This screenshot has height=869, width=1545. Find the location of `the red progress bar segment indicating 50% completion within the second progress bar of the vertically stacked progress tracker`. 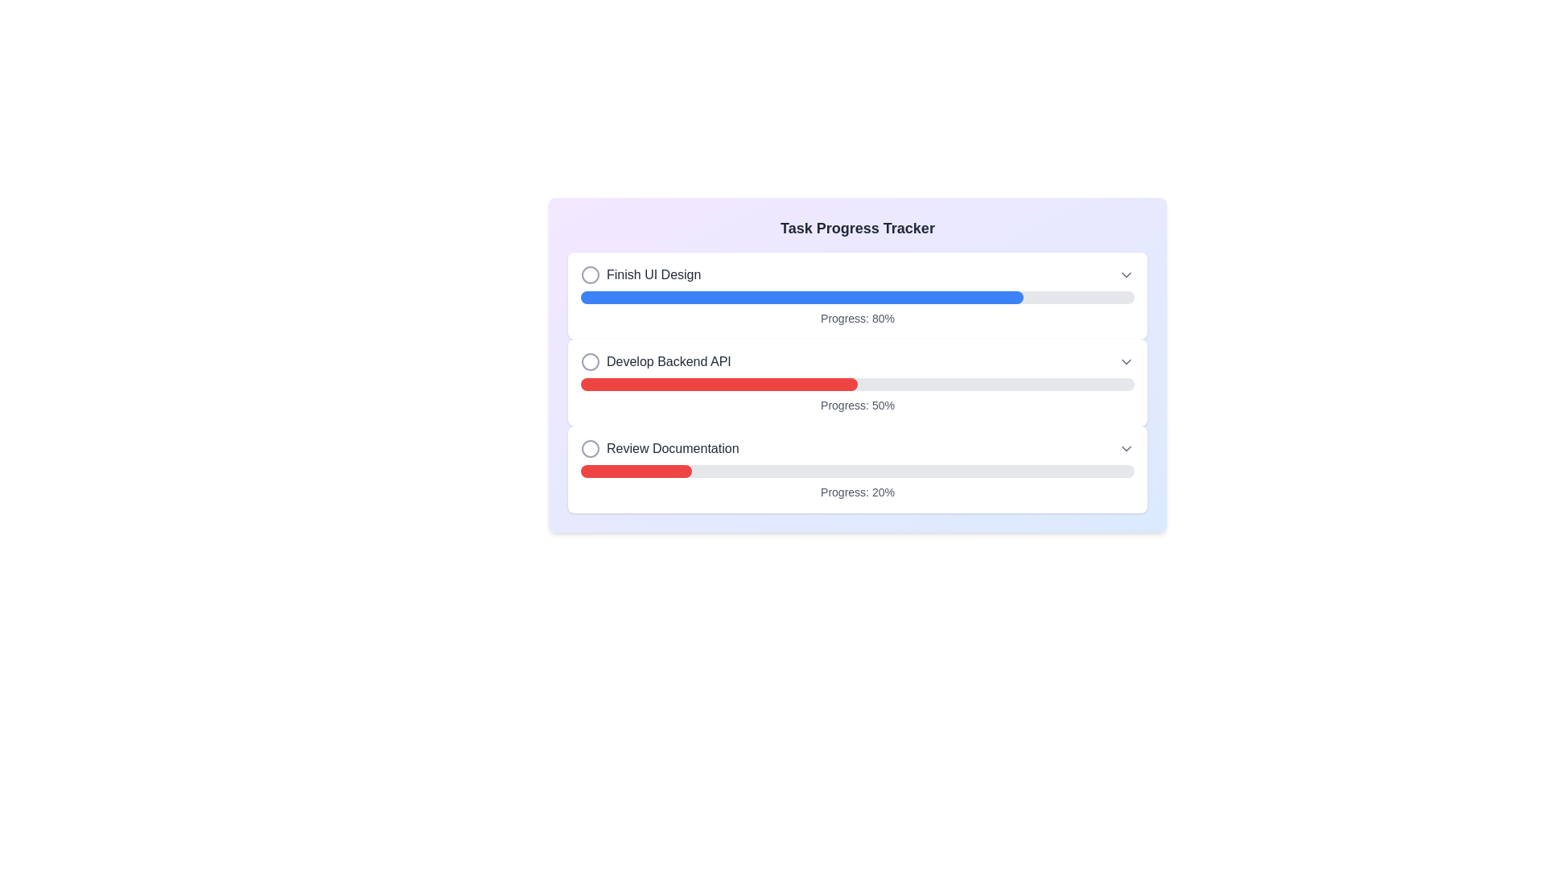

the red progress bar segment indicating 50% completion within the second progress bar of the vertically stacked progress tracker is located at coordinates (718, 385).